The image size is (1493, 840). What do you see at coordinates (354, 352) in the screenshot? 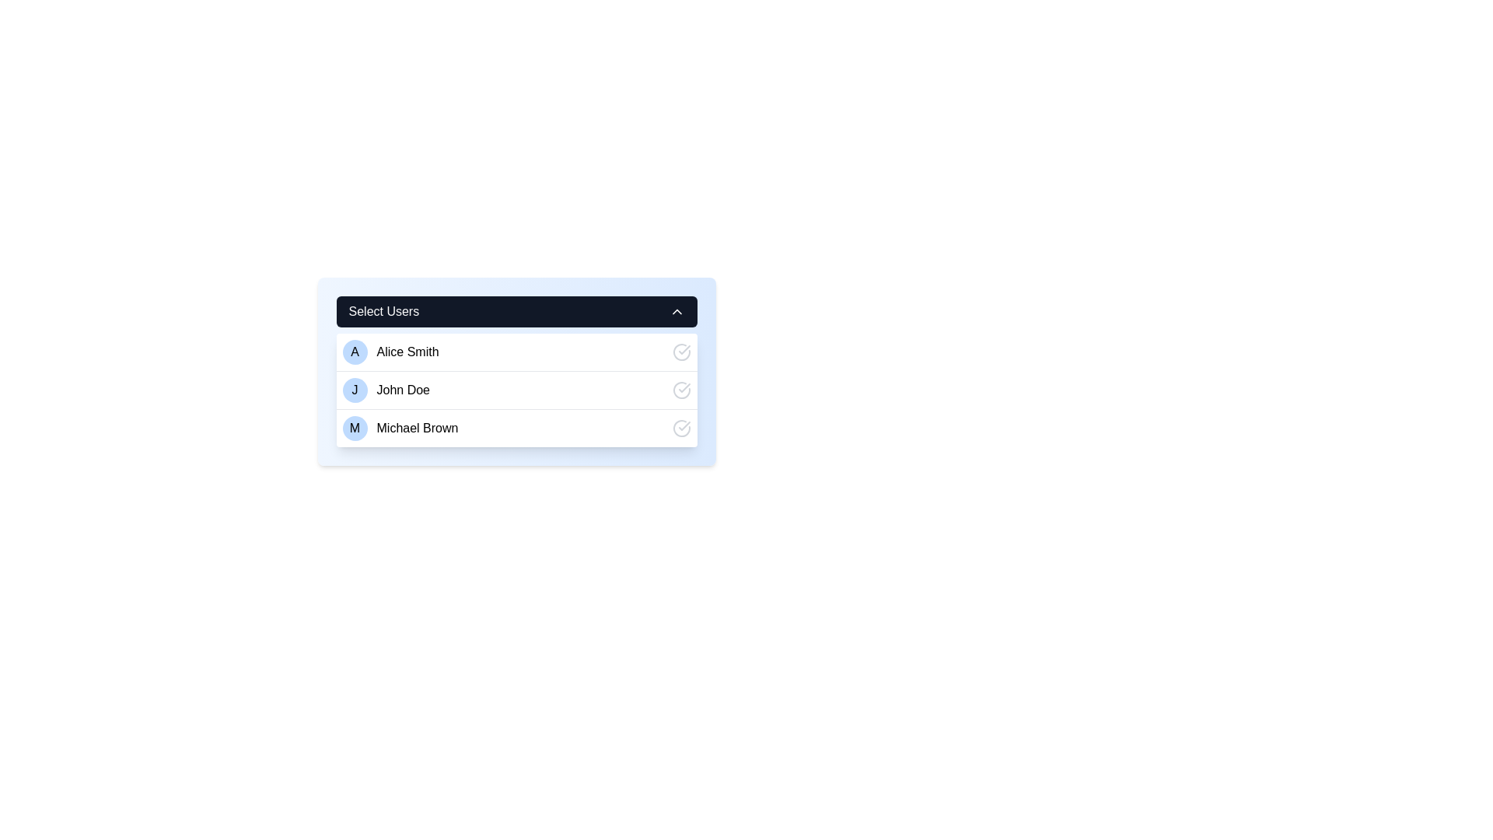
I see `the avatar or badge representing the user 'Alice Smith' in the user selection panel, which is located to the left of the name` at bounding box center [354, 352].